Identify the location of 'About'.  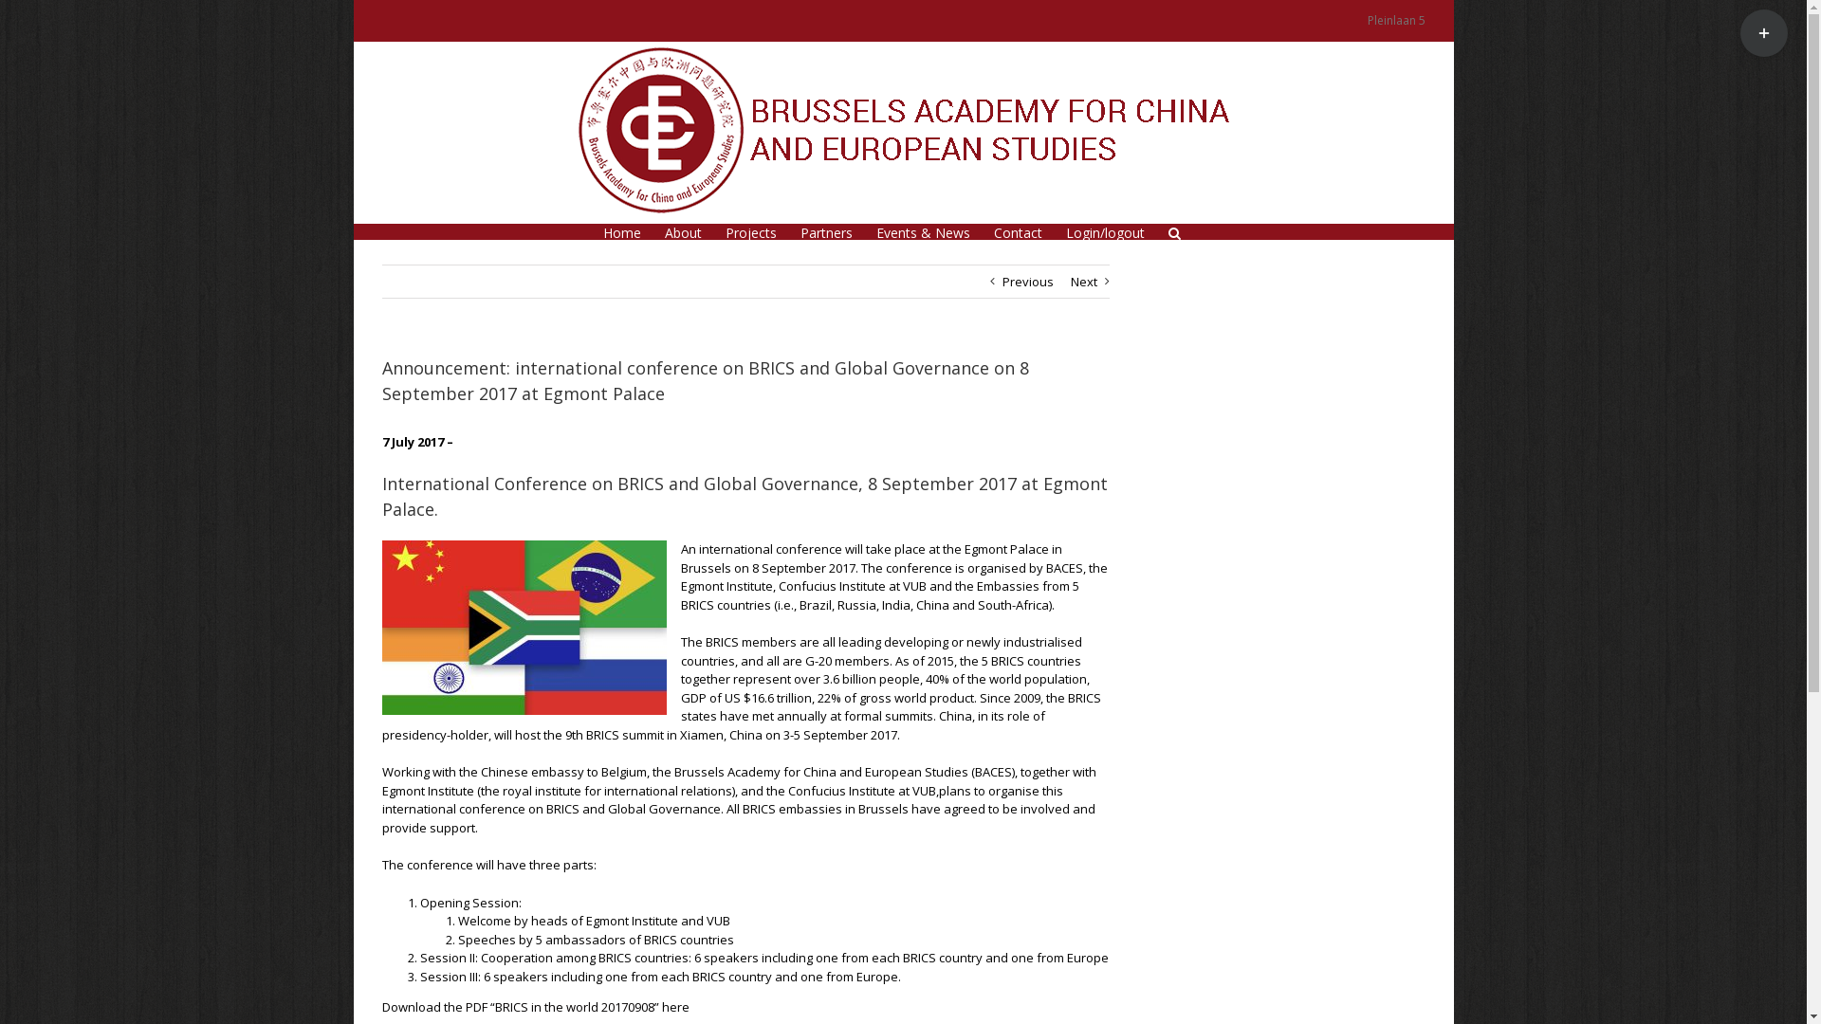
(682, 230).